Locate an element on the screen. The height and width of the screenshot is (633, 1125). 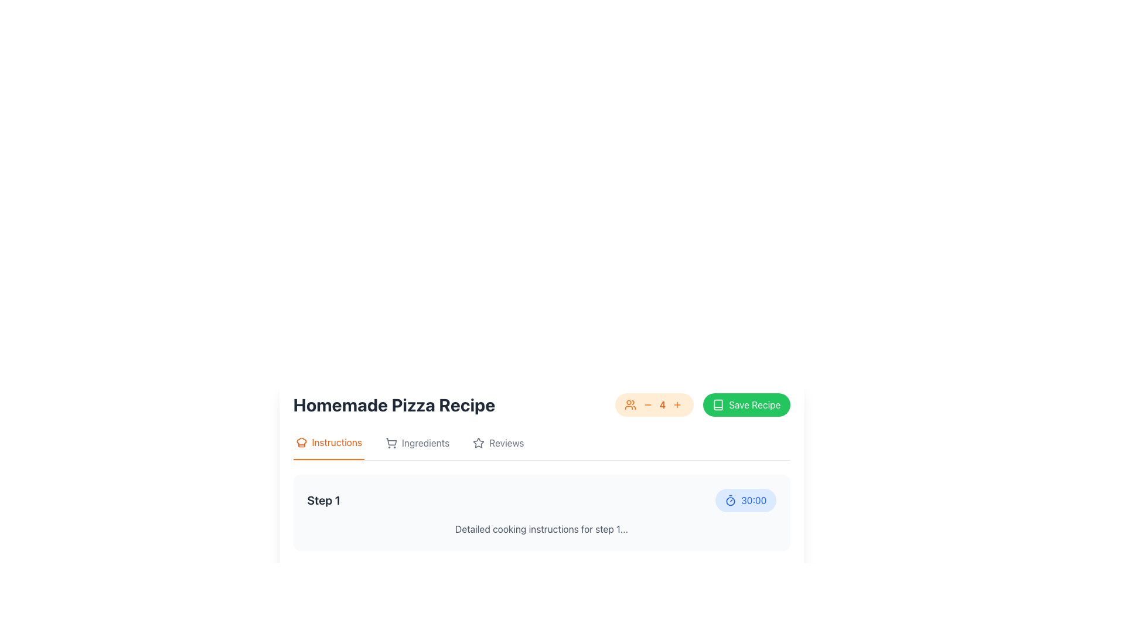
the Text Element that provides detailed instructions for 'Step 1', located next to the time indicator '30:00' is located at coordinates (541, 529).